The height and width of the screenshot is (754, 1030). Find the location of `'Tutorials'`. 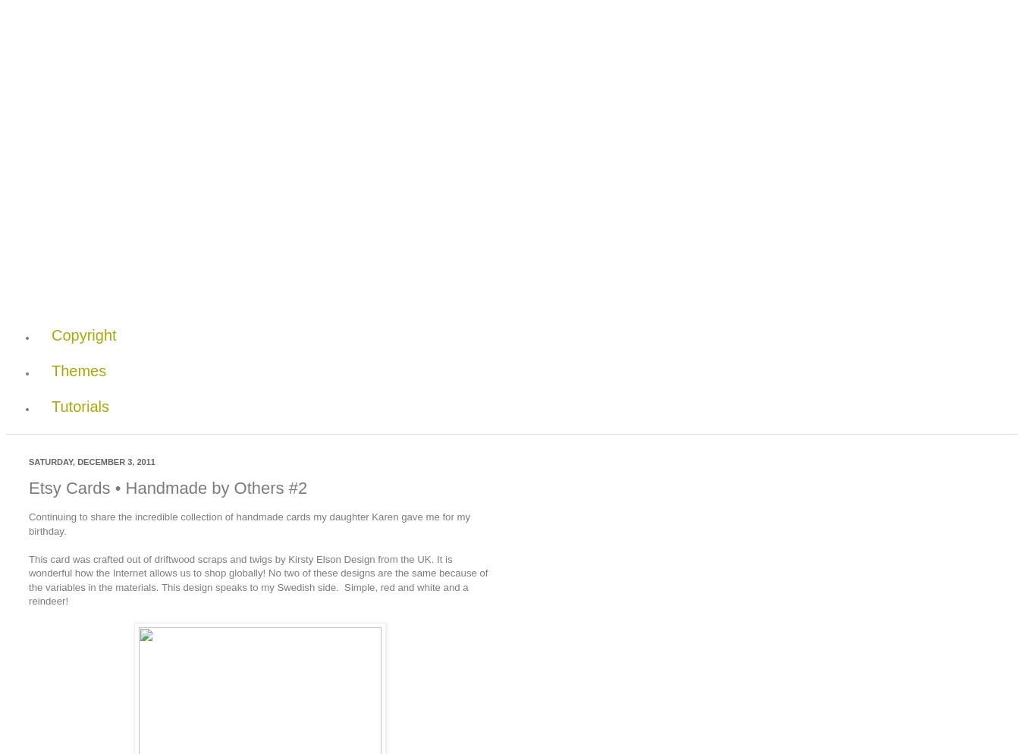

'Tutorials' is located at coordinates (79, 404).